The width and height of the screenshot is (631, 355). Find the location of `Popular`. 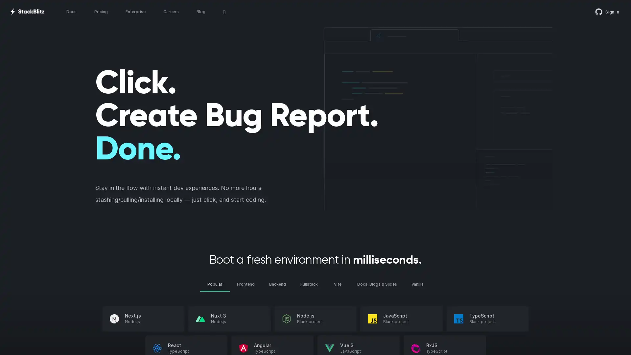

Popular is located at coordinates (215, 284).